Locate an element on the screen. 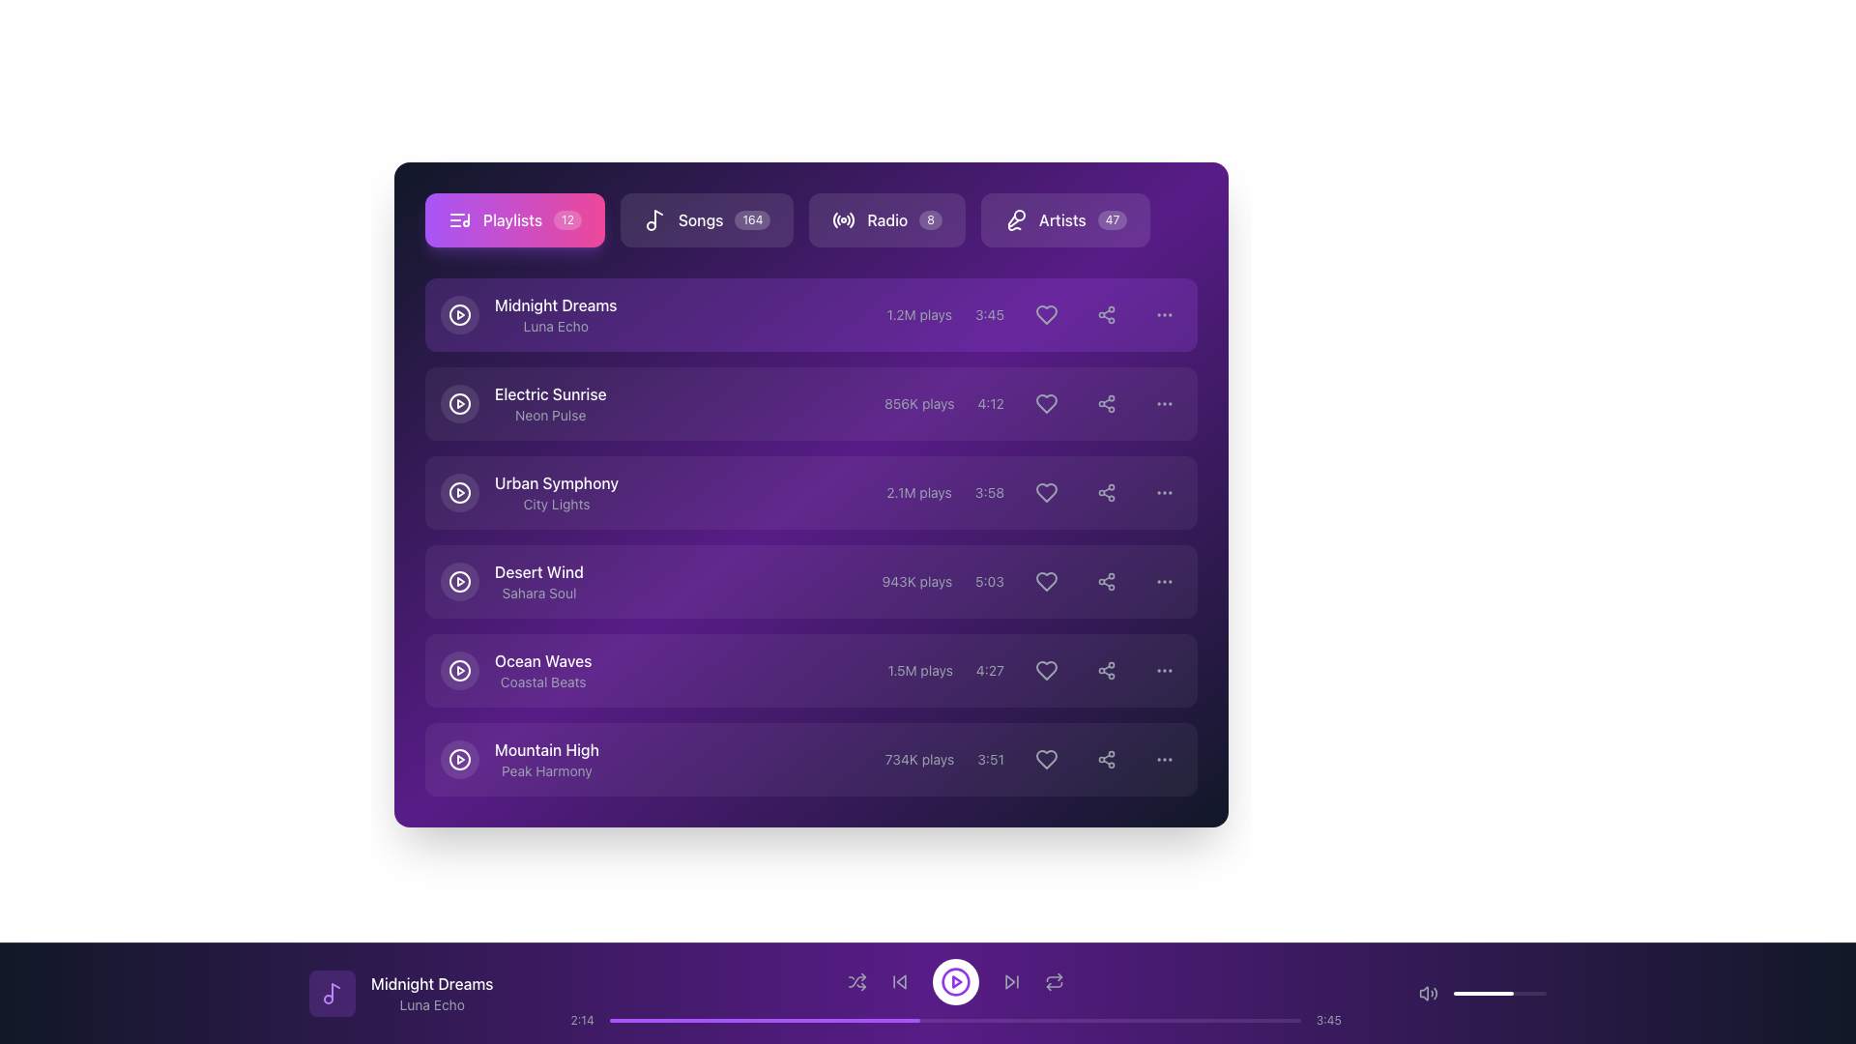  the descriptive title text element located above 'Coastal Beats' in the middle column of the playlist interface is located at coordinates (542, 659).